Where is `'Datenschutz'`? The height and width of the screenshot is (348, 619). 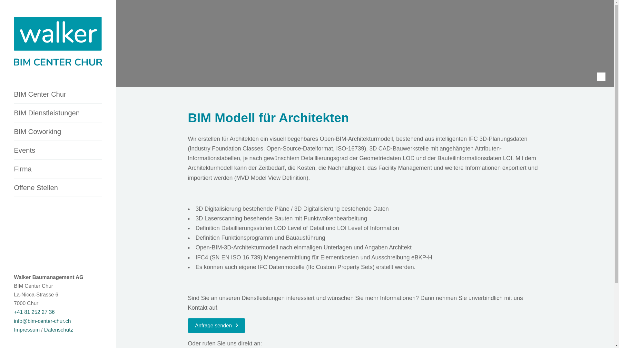 'Datenschutz' is located at coordinates (59, 329).